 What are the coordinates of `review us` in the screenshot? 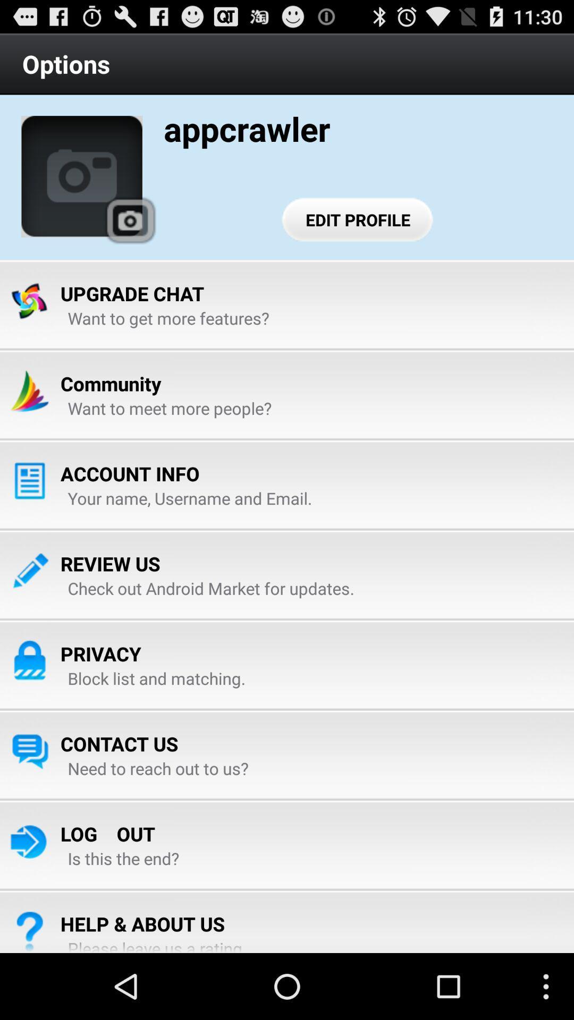 It's located at (110, 563).